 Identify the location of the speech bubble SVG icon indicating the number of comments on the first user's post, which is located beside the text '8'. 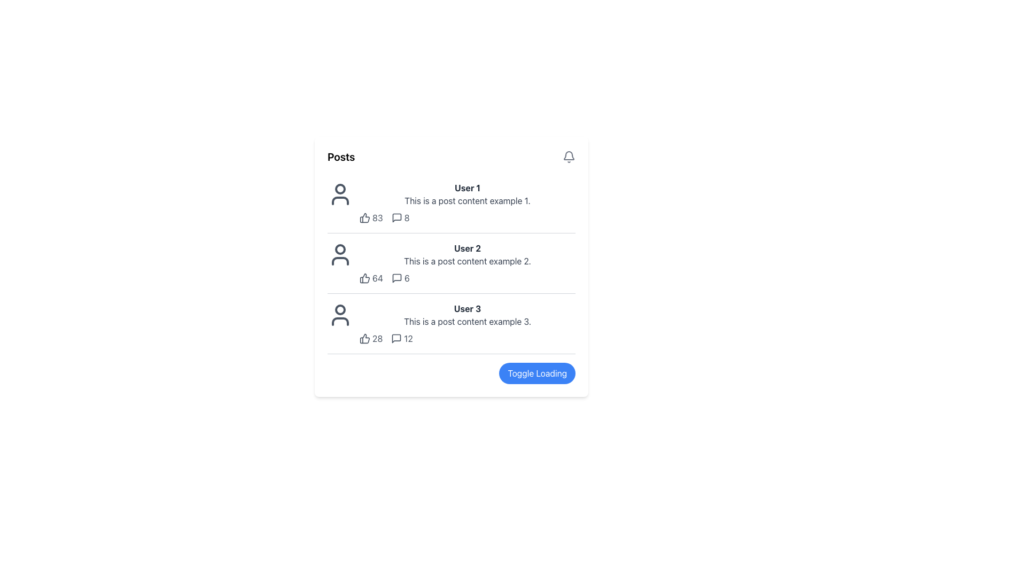
(396, 217).